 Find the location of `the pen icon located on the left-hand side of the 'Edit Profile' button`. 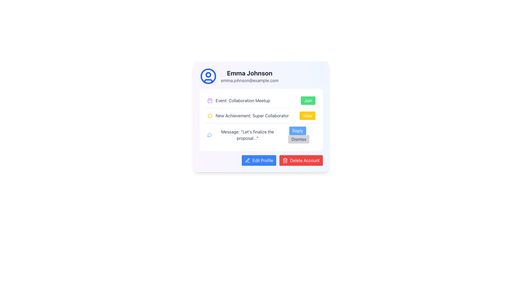

the pen icon located on the left-hand side of the 'Edit Profile' button is located at coordinates (247, 160).